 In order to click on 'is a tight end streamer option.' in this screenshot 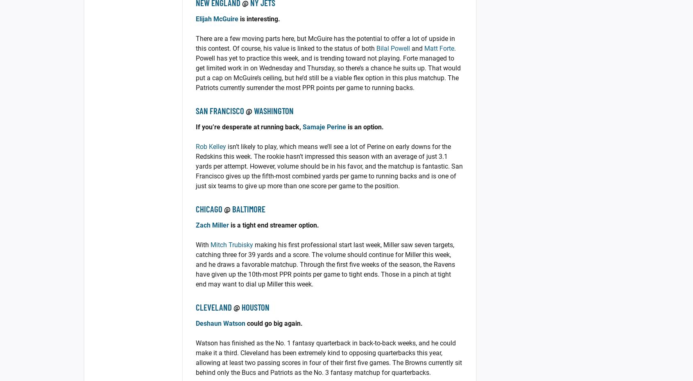, I will do `click(229, 225)`.